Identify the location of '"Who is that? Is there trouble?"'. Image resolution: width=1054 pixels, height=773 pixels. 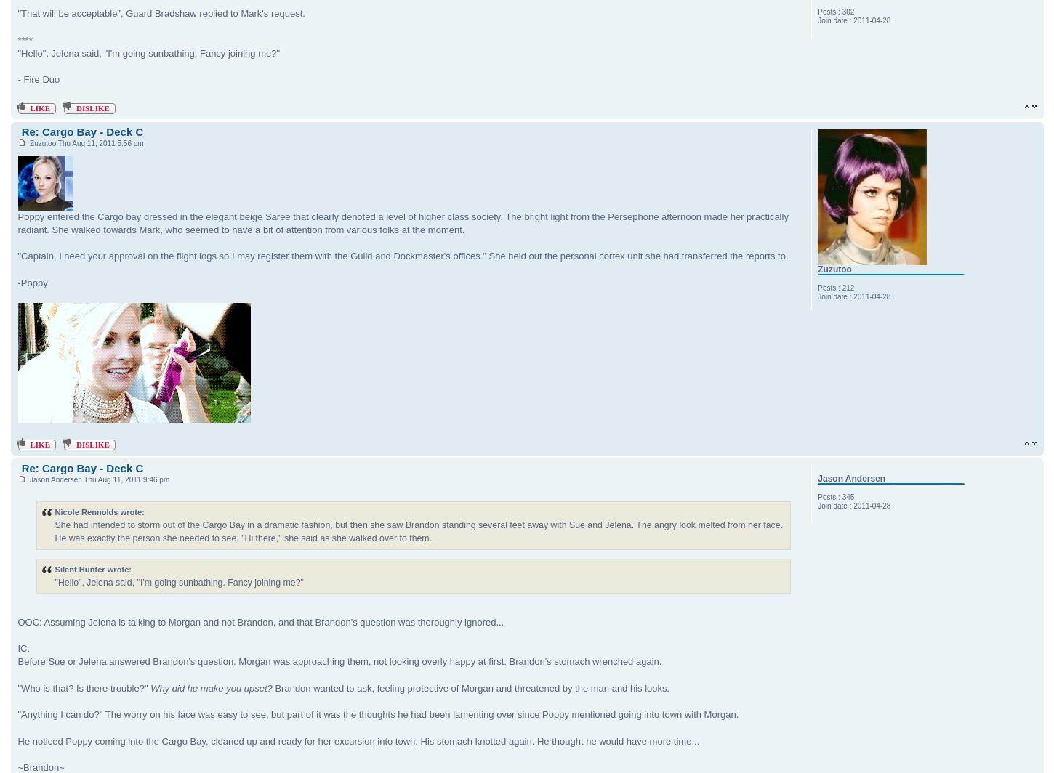
(17, 687).